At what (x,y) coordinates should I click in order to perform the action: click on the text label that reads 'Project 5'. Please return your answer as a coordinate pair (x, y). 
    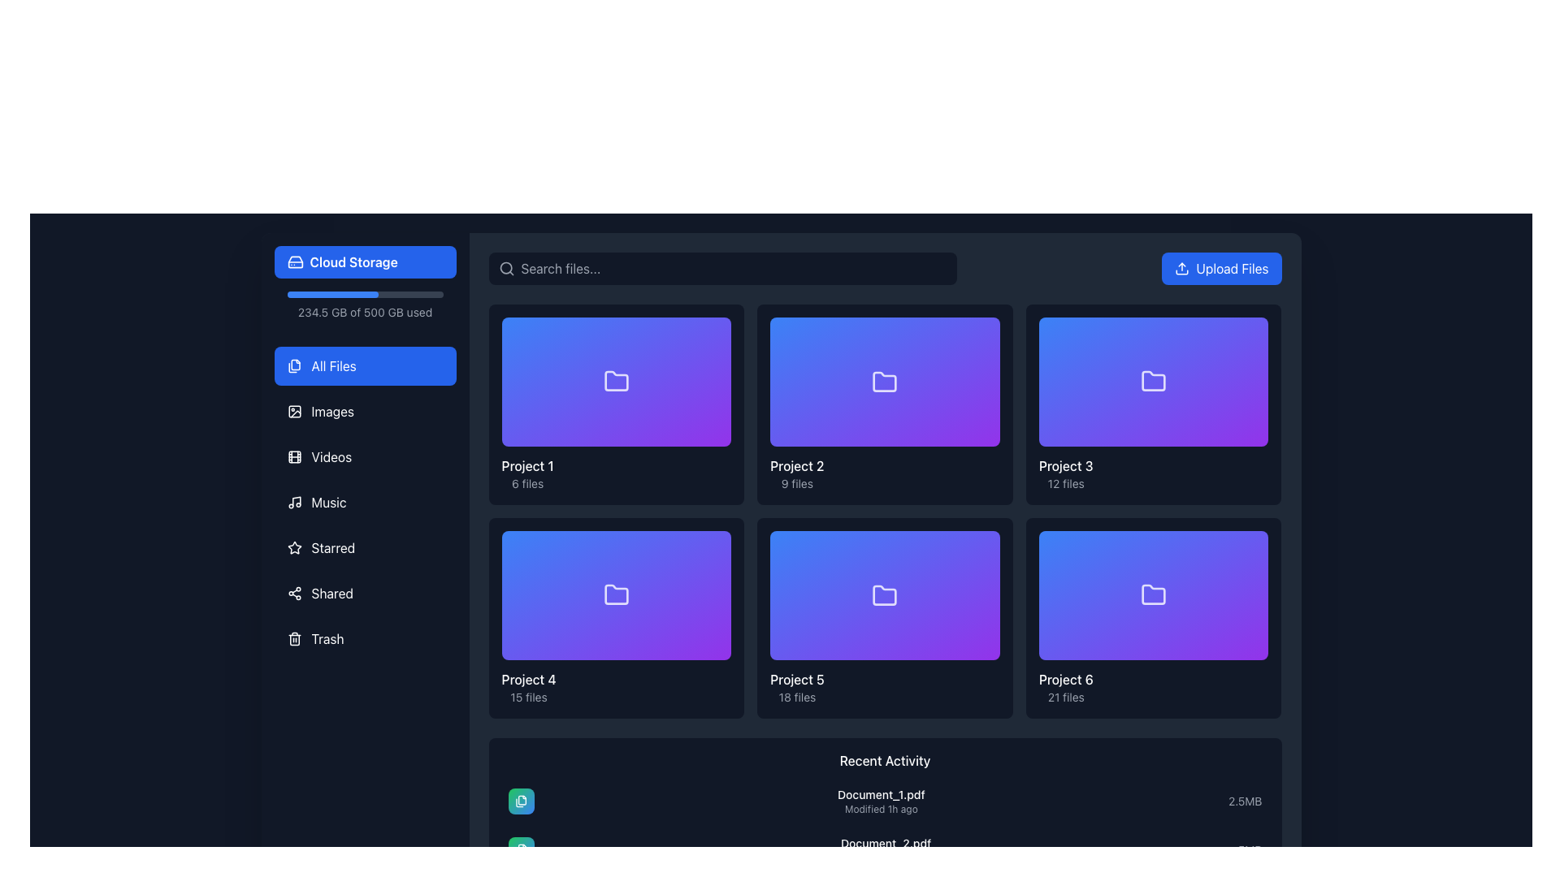
    Looking at the image, I should click on (797, 680).